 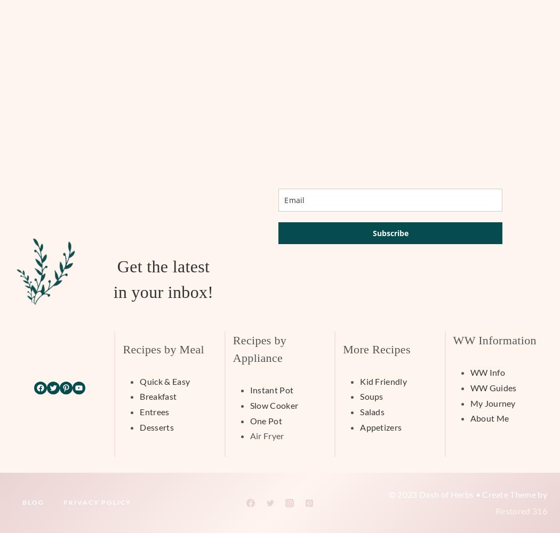 I want to click on 'WW Info', so click(x=487, y=372).